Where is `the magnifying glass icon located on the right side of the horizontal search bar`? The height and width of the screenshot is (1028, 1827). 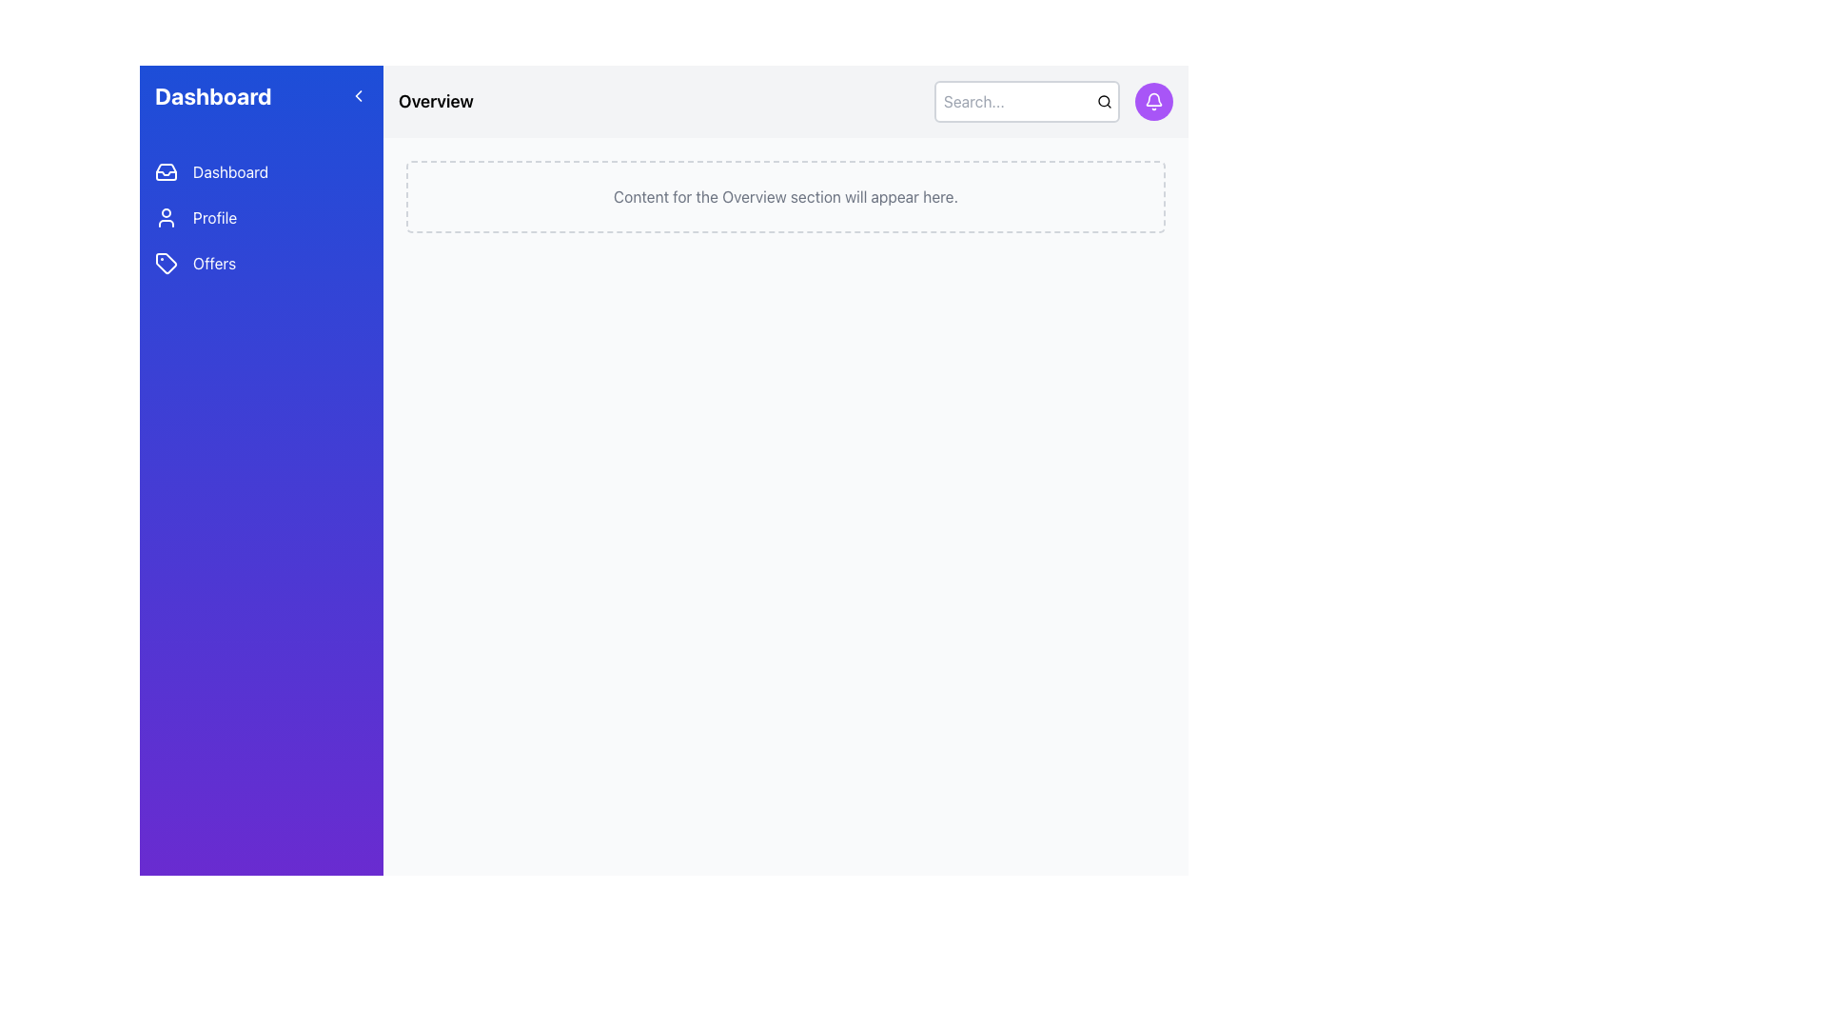 the magnifying glass icon located on the right side of the horizontal search bar is located at coordinates (1105, 102).